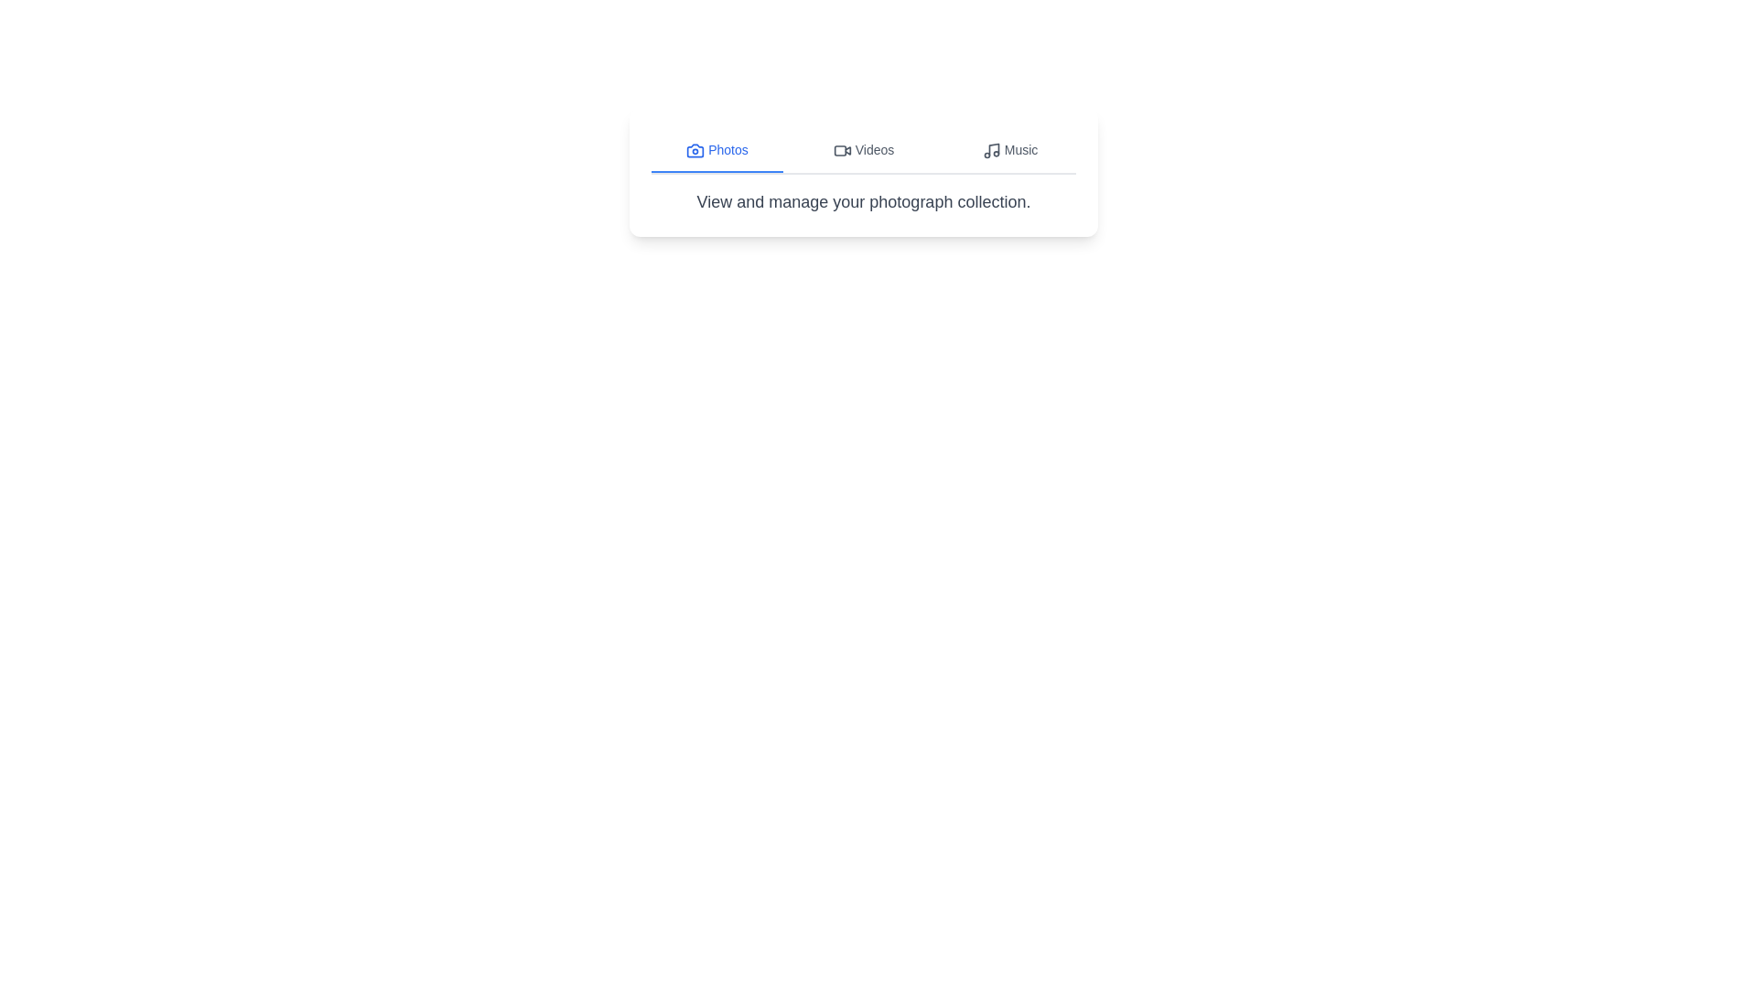  I want to click on the Videos tab by clicking on the respective tab button, so click(863, 150).